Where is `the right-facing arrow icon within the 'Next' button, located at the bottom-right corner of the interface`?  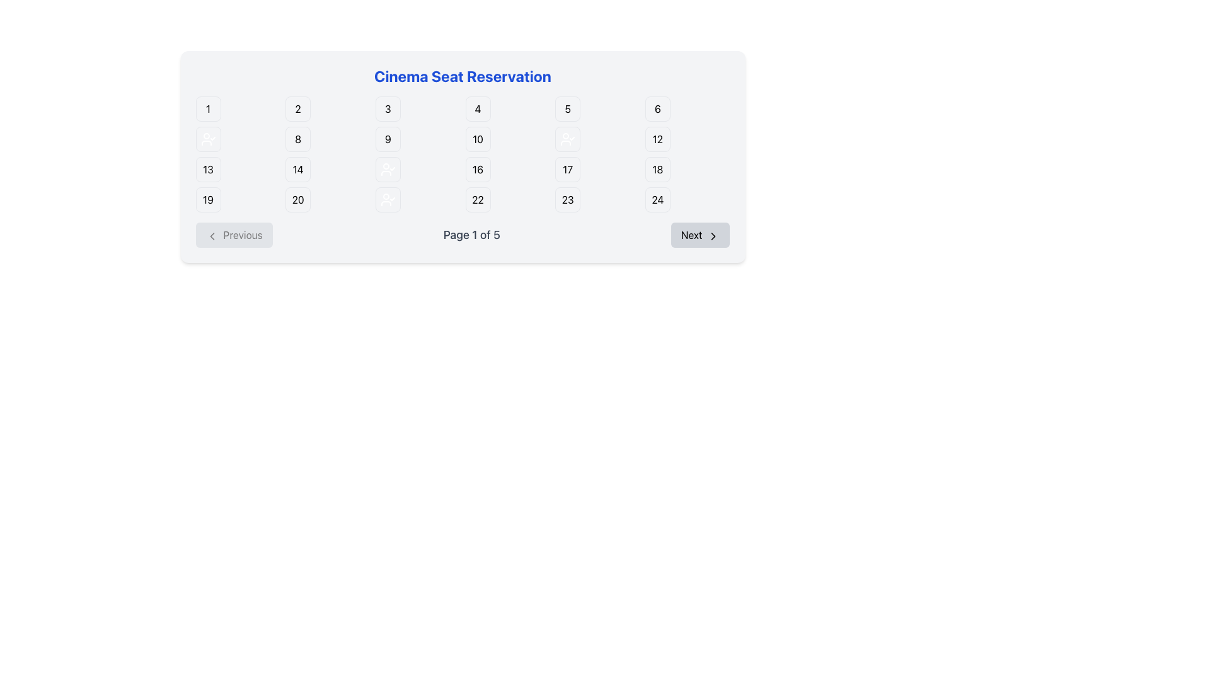 the right-facing arrow icon within the 'Next' button, located at the bottom-right corner of the interface is located at coordinates (713, 236).